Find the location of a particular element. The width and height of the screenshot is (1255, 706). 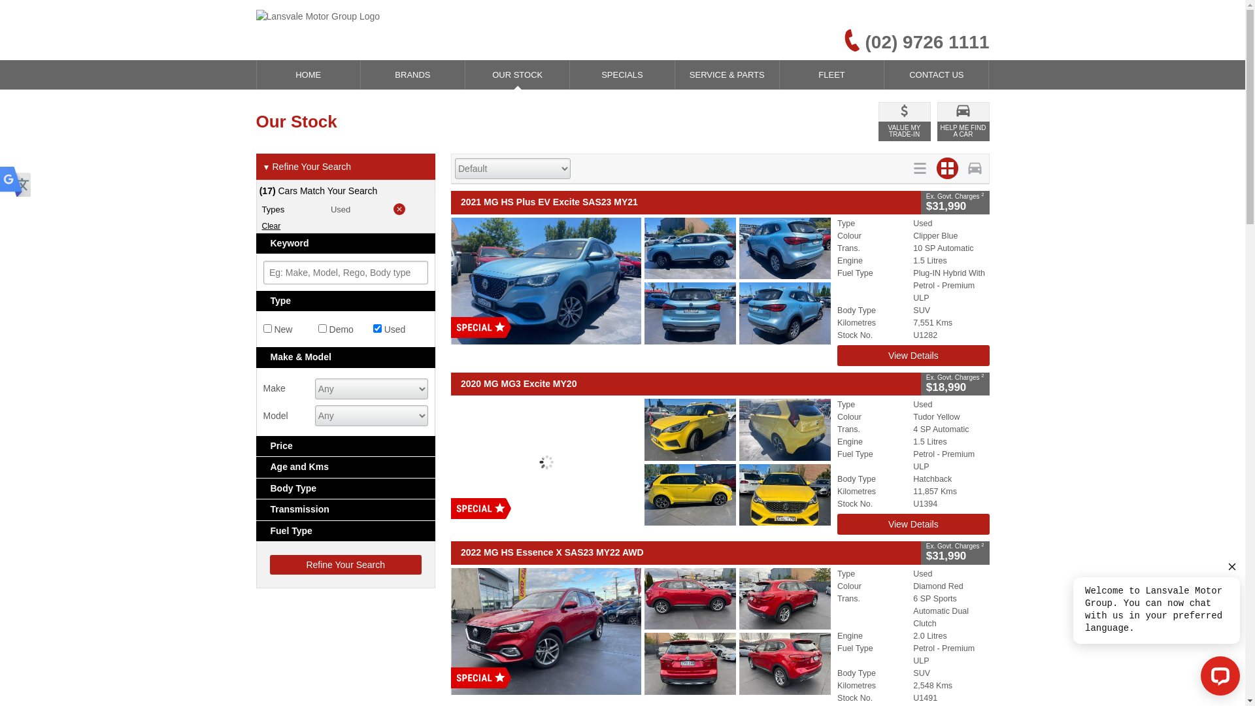

'Transmission' is located at coordinates (346, 509).